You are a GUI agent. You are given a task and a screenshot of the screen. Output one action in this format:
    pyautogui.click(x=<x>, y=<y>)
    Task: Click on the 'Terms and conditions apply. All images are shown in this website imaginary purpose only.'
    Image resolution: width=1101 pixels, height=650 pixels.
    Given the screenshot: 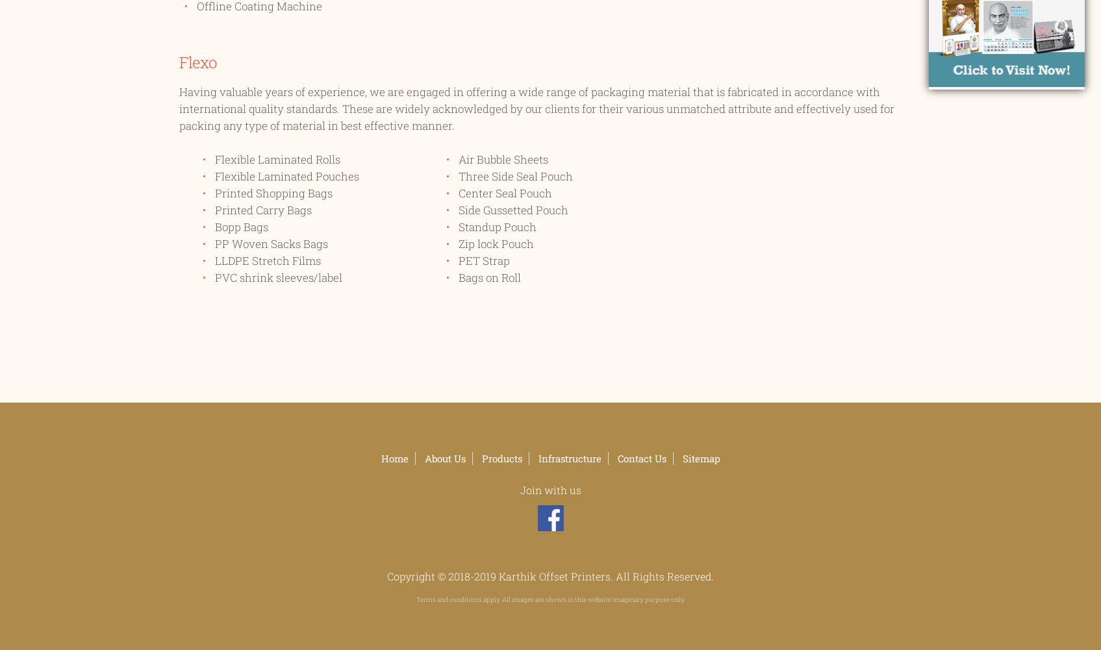 What is the action you would take?
    pyautogui.click(x=550, y=599)
    